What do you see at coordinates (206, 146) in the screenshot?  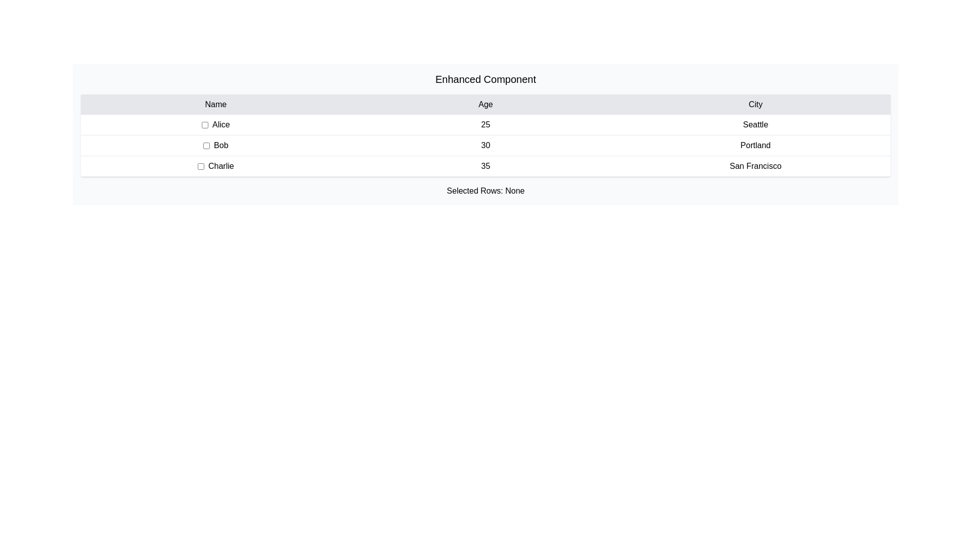 I see `the checkbox associated with the 'Bob' row` at bounding box center [206, 146].